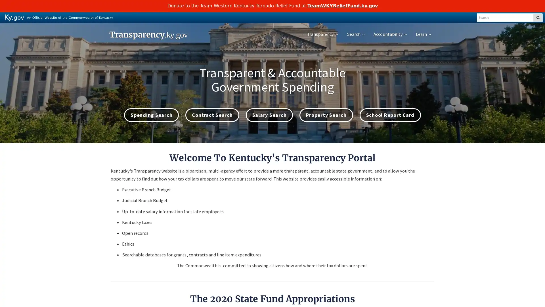  Describe the element at coordinates (538, 17) in the screenshot. I see `SEARCH` at that location.